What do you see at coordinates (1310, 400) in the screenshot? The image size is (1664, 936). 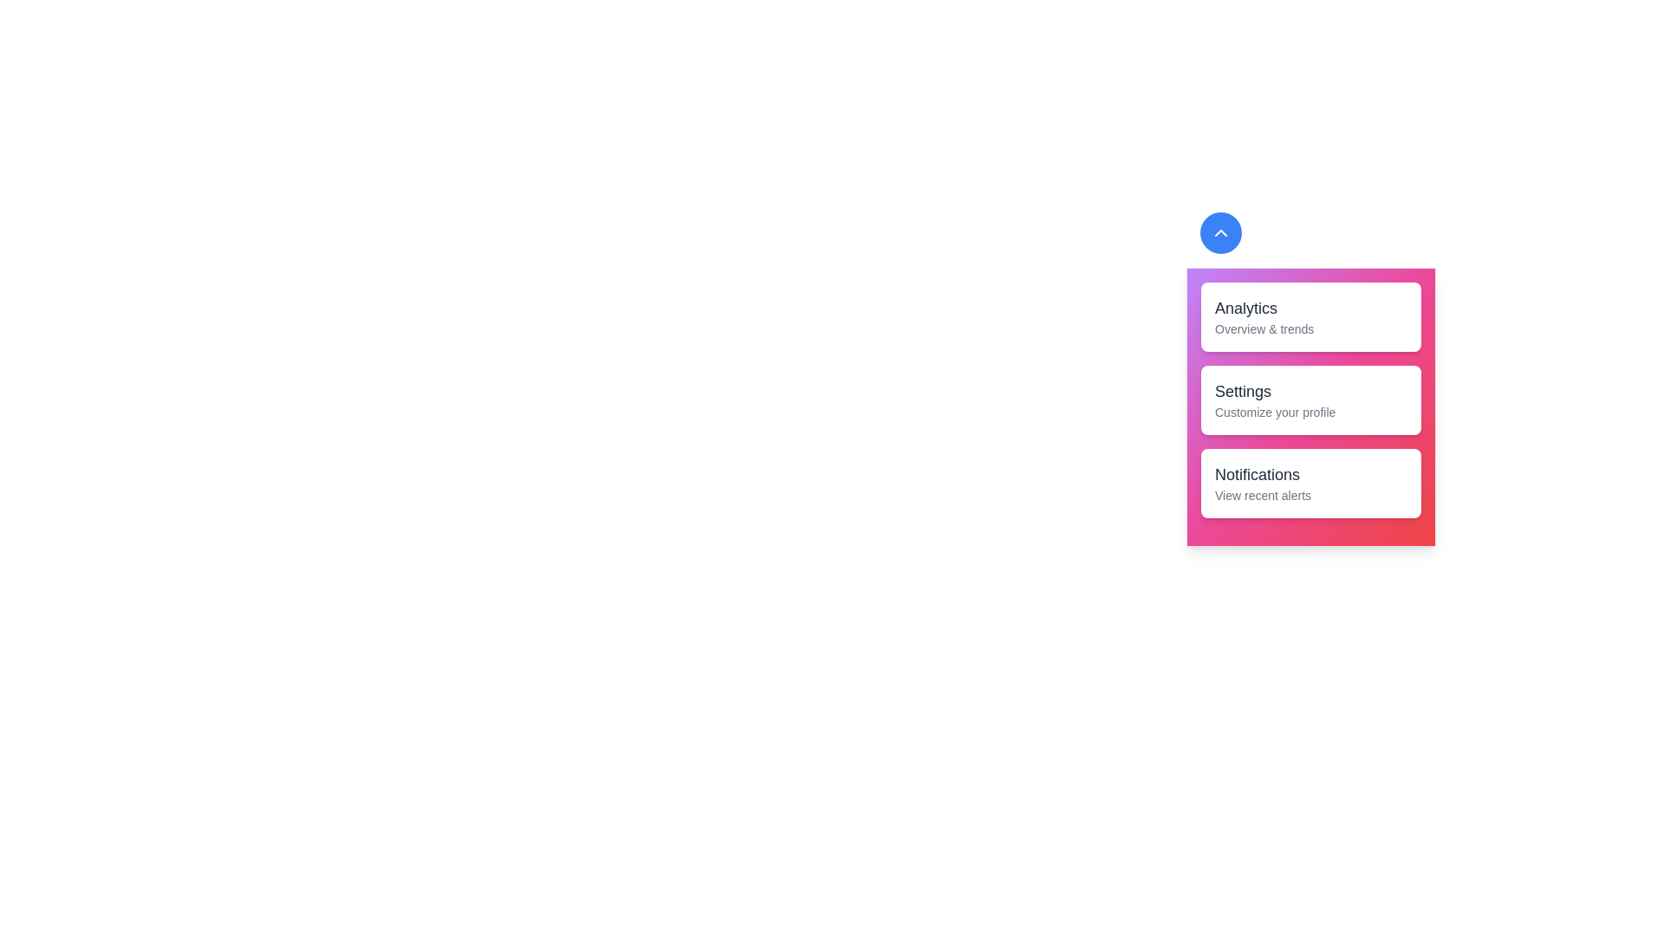 I see `the category card labeled 'Settings' to observe its hover effect` at bounding box center [1310, 400].